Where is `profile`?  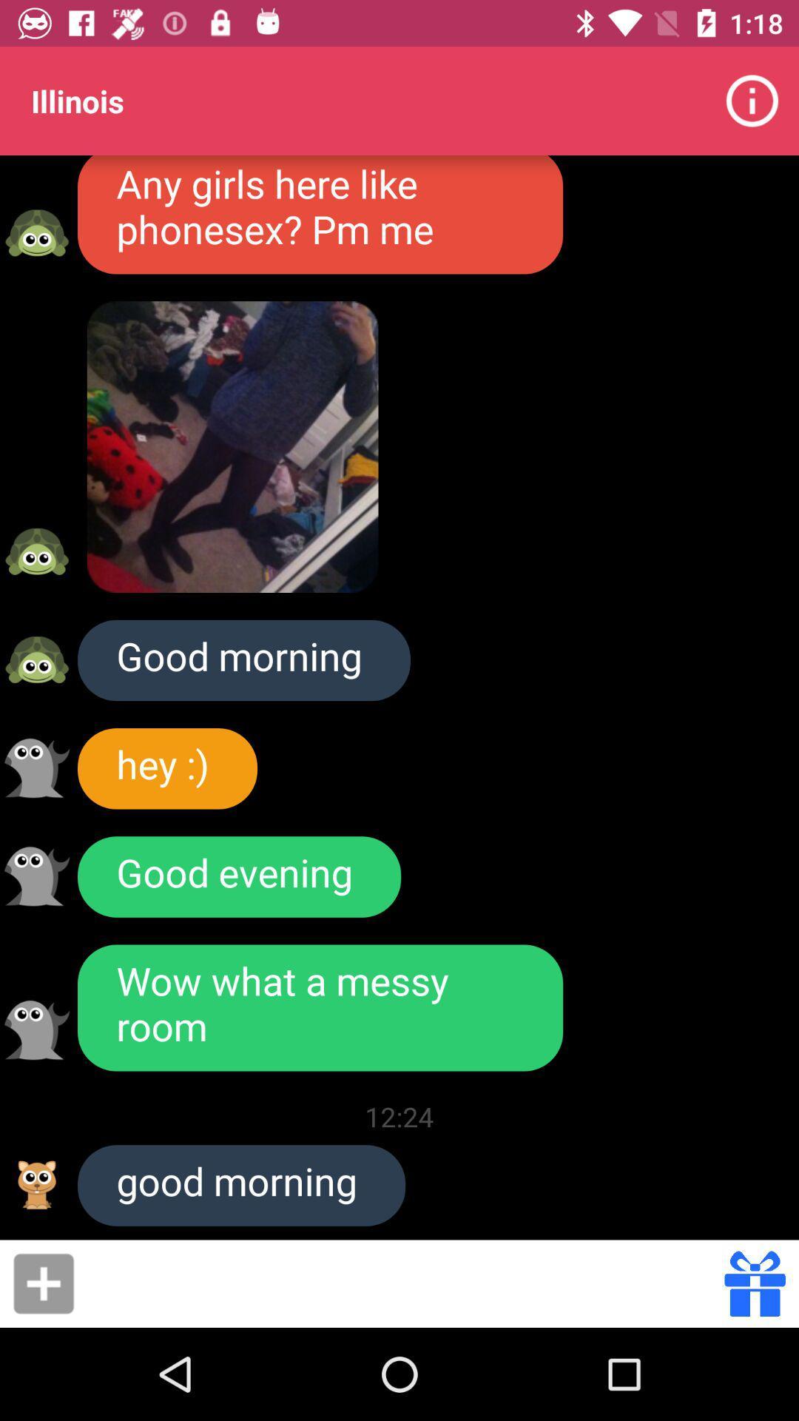 profile is located at coordinates (36, 876).